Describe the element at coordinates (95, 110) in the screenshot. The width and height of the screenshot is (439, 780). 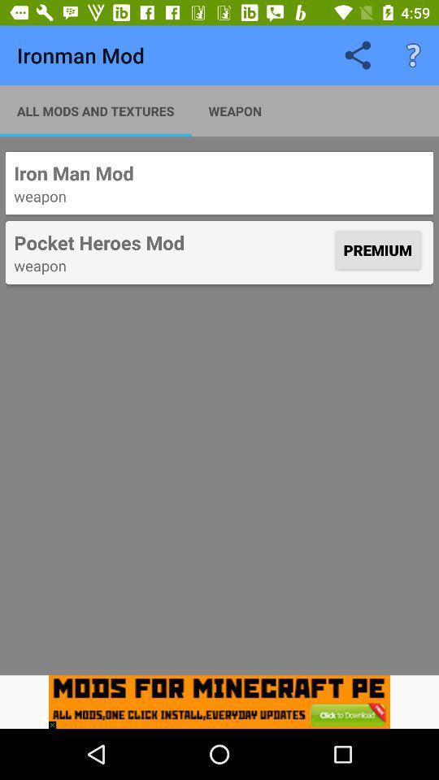
I see `the item next to weapon item` at that location.